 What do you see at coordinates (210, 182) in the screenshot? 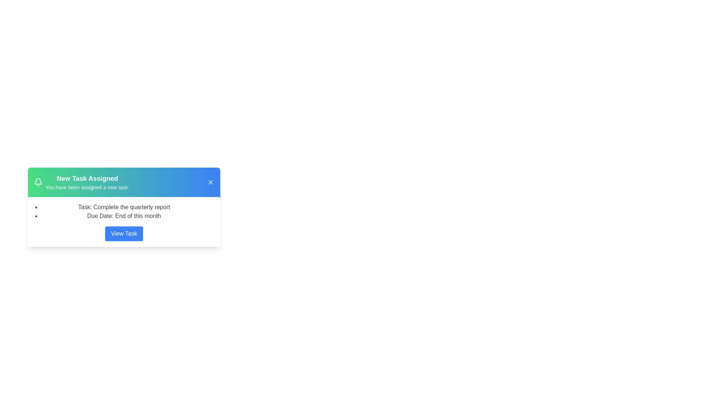
I see `the close button to dismiss the alert` at bounding box center [210, 182].